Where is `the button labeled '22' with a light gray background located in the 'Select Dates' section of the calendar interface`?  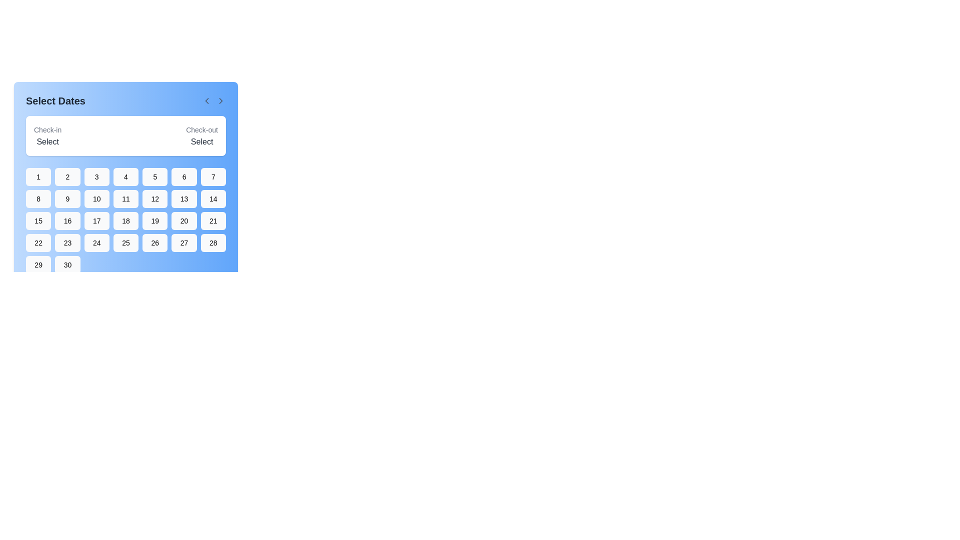 the button labeled '22' with a light gray background located in the 'Select Dates' section of the calendar interface is located at coordinates (38, 243).